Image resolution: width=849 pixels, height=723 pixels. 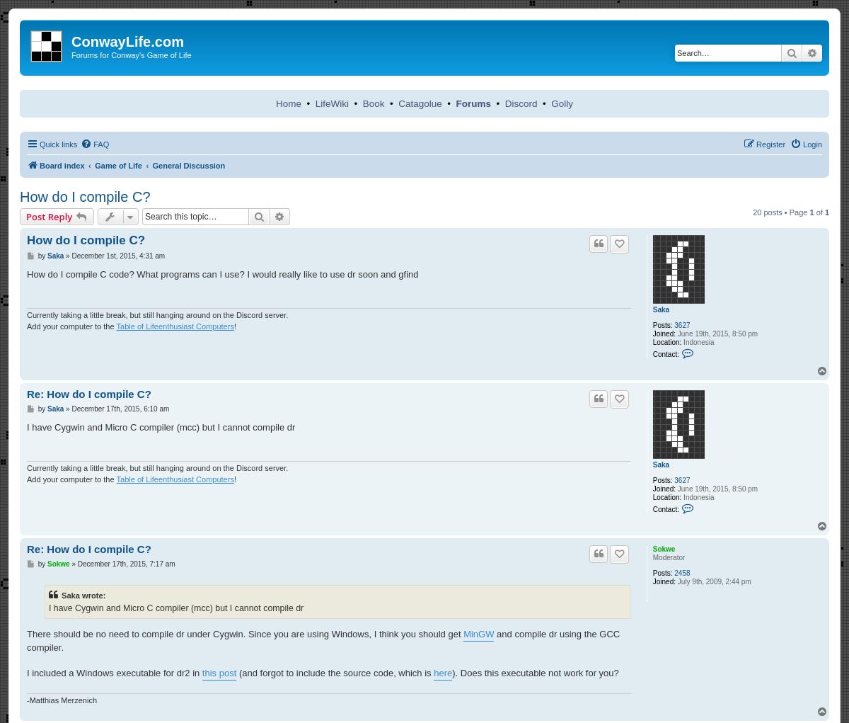 I want to click on 'here', so click(x=443, y=672).